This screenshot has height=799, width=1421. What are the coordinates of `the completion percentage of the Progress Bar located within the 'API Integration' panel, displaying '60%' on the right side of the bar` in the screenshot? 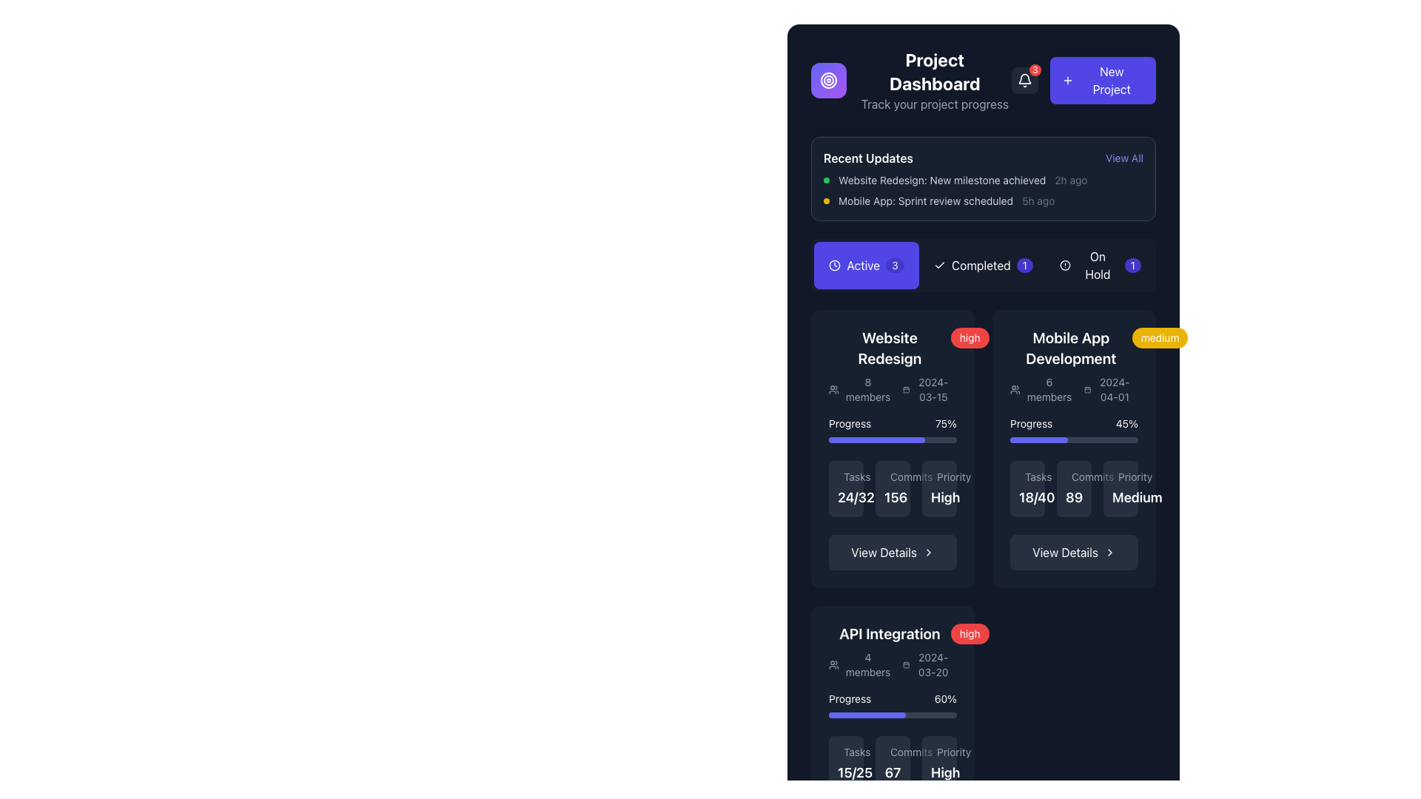 It's located at (892, 704).